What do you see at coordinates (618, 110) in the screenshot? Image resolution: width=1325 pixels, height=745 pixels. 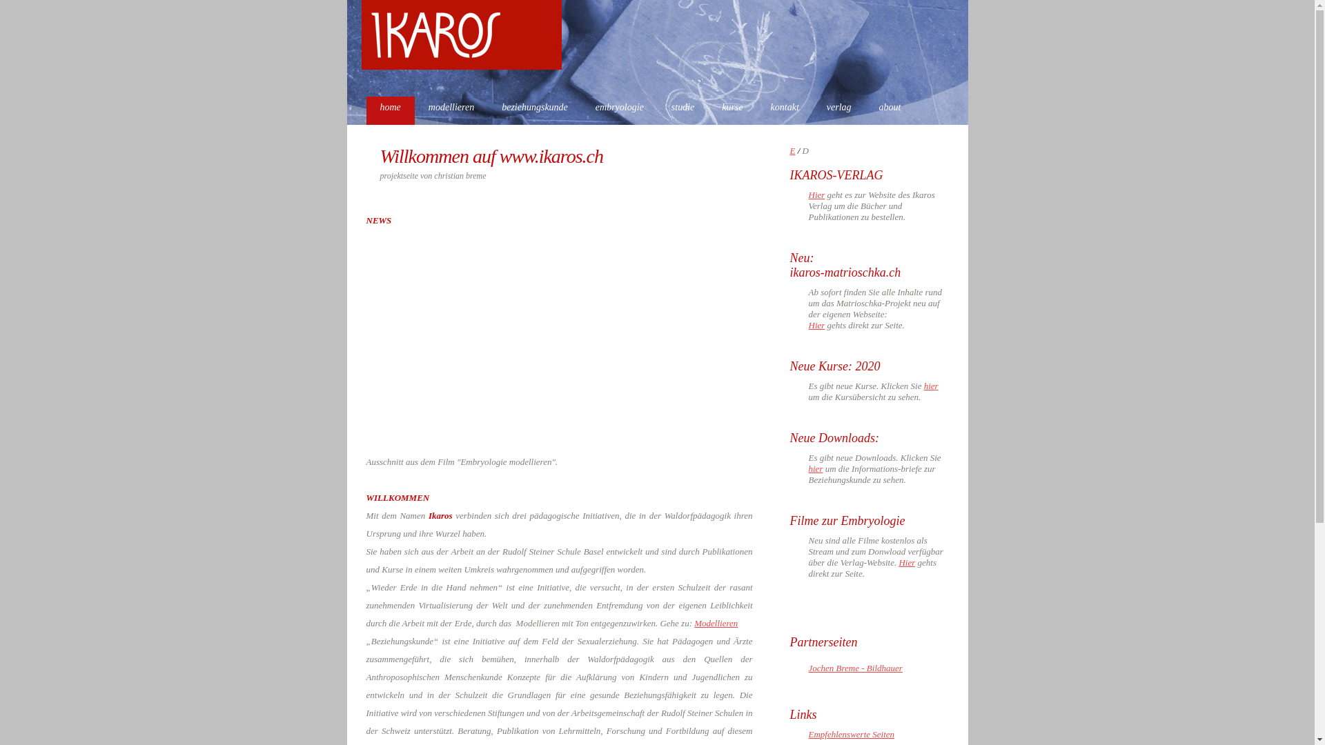 I see `'embryologie'` at bounding box center [618, 110].